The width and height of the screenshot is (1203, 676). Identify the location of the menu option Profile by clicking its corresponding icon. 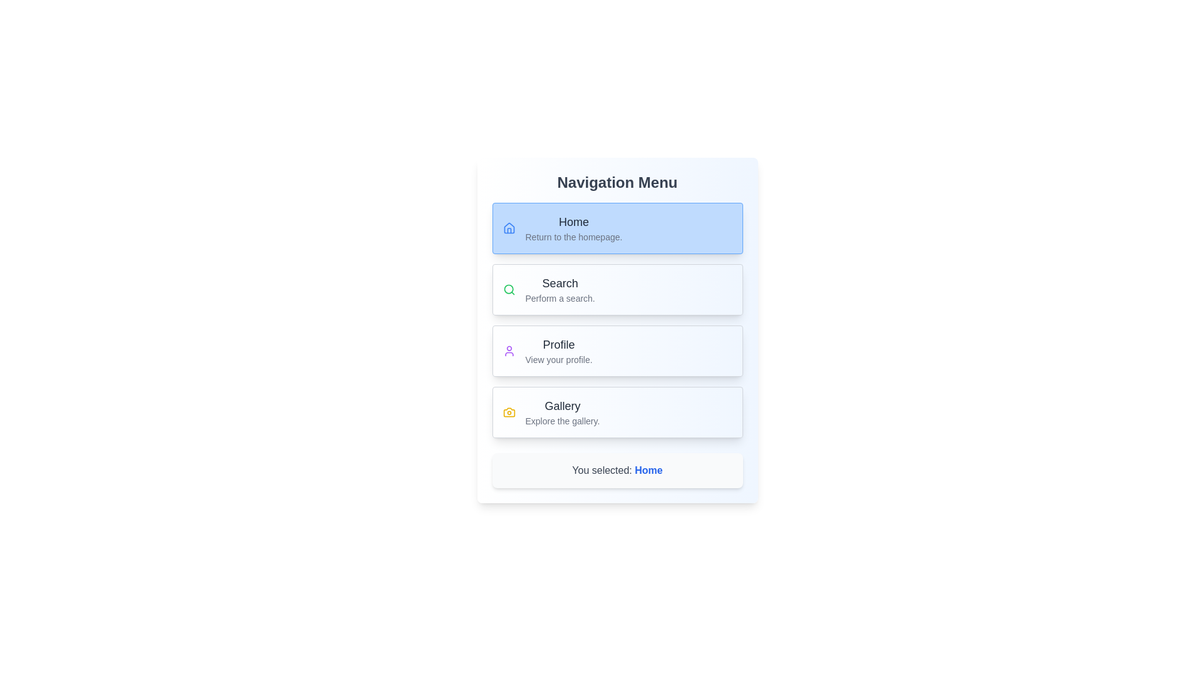
(509, 351).